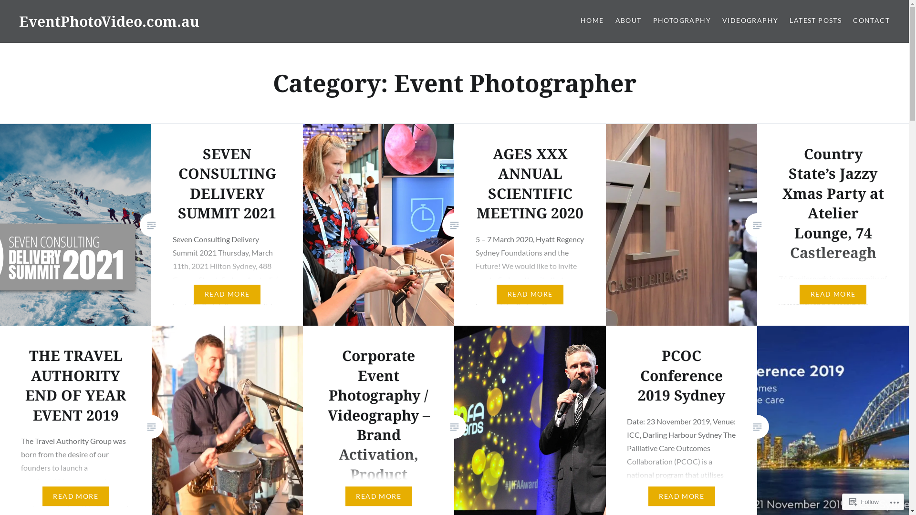 This screenshot has height=515, width=916. I want to click on 'SEVEN CONSULTING DELIVERY SUMMIT 2021', so click(226, 183).